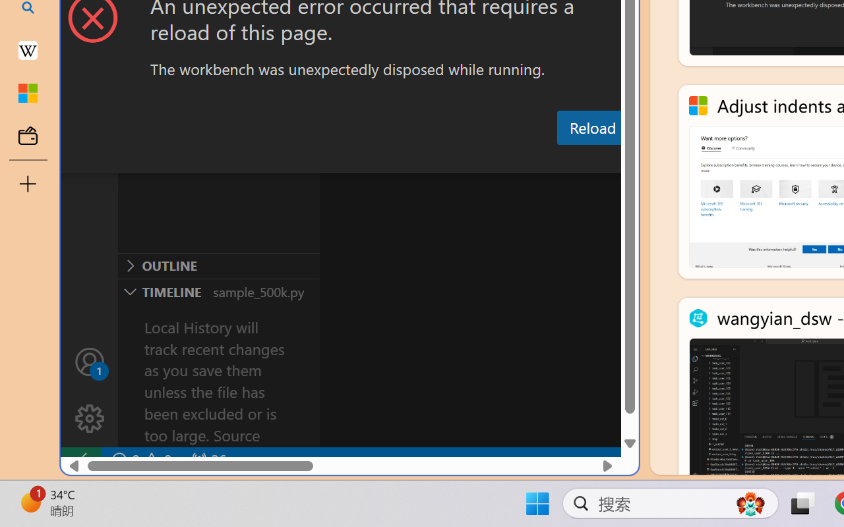 The width and height of the screenshot is (844, 527). I want to click on 'Accounts - Sign in requested', so click(88, 361).